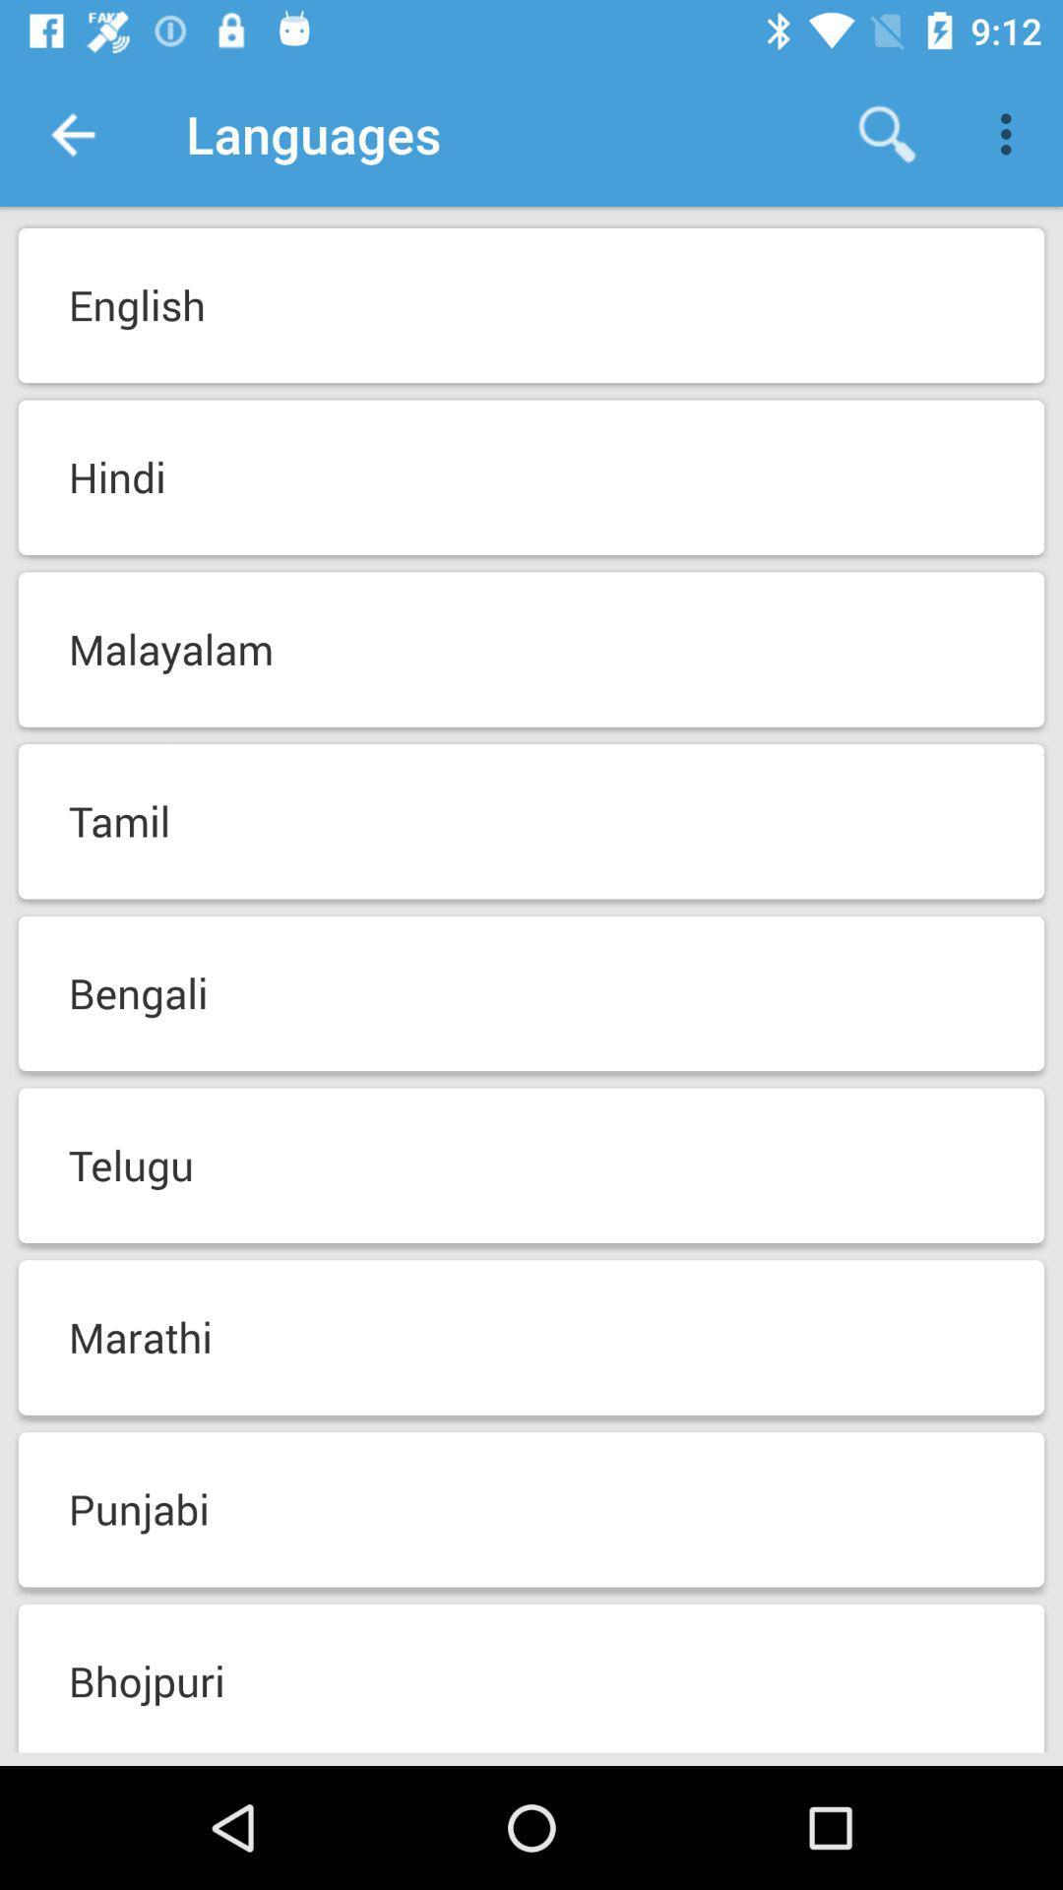 The height and width of the screenshot is (1890, 1063). Describe the element at coordinates (887, 133) in the screenshot. I see `item above the english item` at that location.